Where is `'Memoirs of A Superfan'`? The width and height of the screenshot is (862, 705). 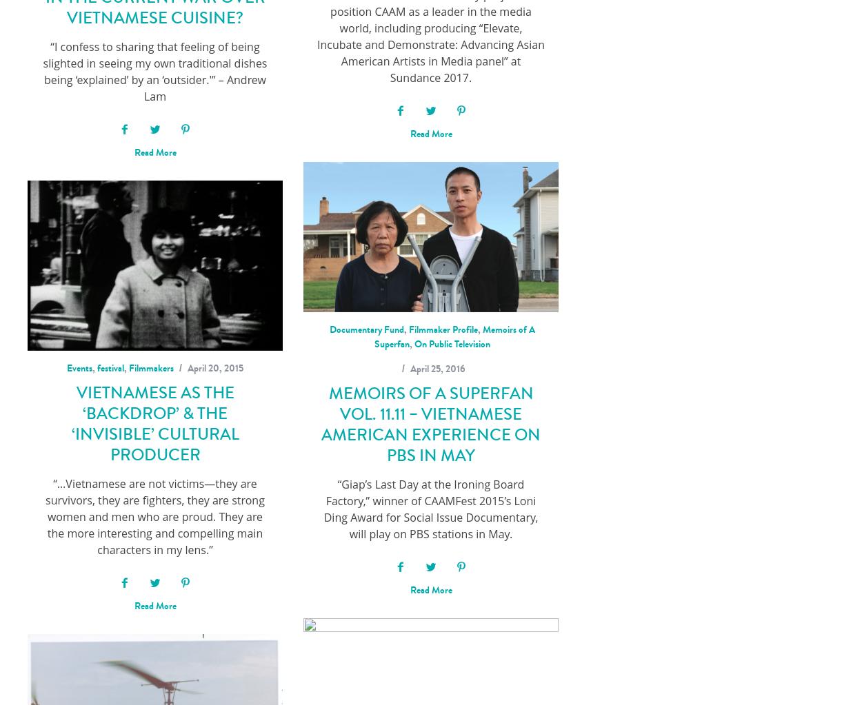
'Memoirs of A Superfan' is located at coordinates (454, 336).